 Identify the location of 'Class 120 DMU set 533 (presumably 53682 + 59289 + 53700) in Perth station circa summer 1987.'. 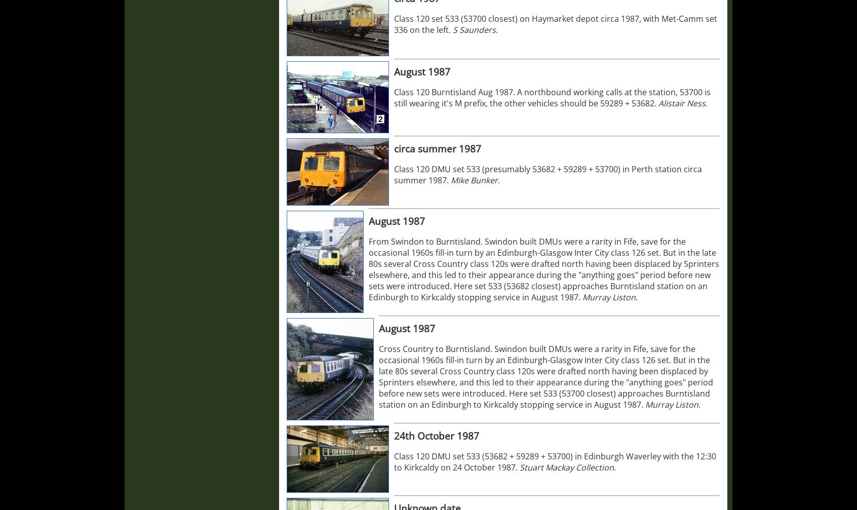
(394, 174).